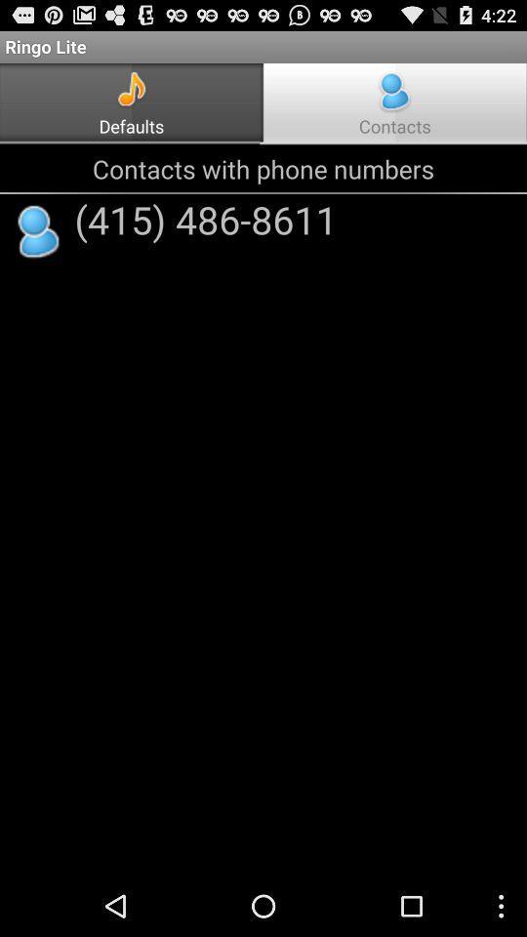 Image resolution: width=527 pixels, height=937 pixels. What do you see at coordinates (205, 219) in the screenshot?
I see `the (415) 486-8611 icon` at bounding box center [205, 219].